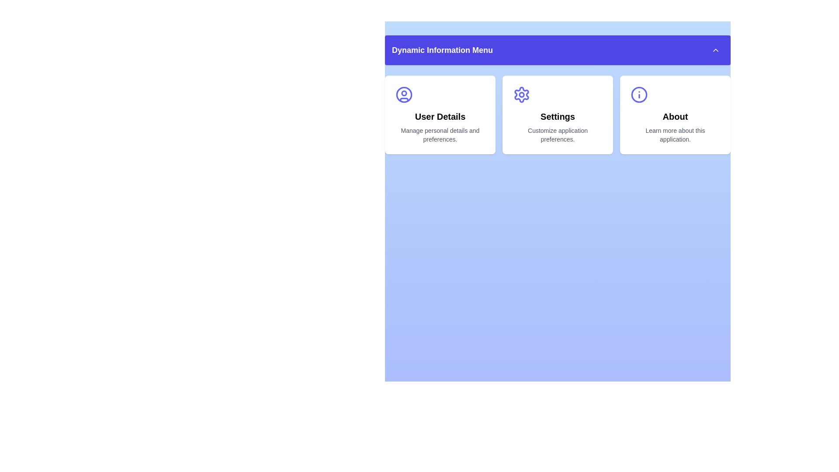 This screenshot has height=472, width=839. What do you see at coordinates (675, 114) in the screenshot?
I see `the menu item About to observe its visual feedback` at bounding box center [675, 114].